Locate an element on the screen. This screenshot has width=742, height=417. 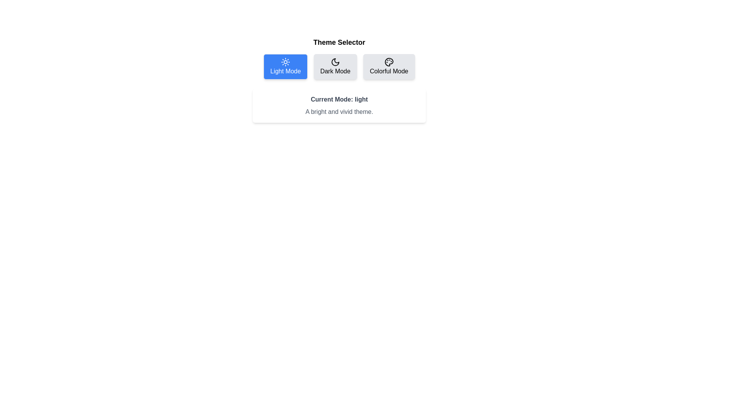
the palette icon located on the rightmost side of the Theme Selector panel, which features a smooth circular shape and smaller circles representing paint wells is located at coordinates (389, 62).